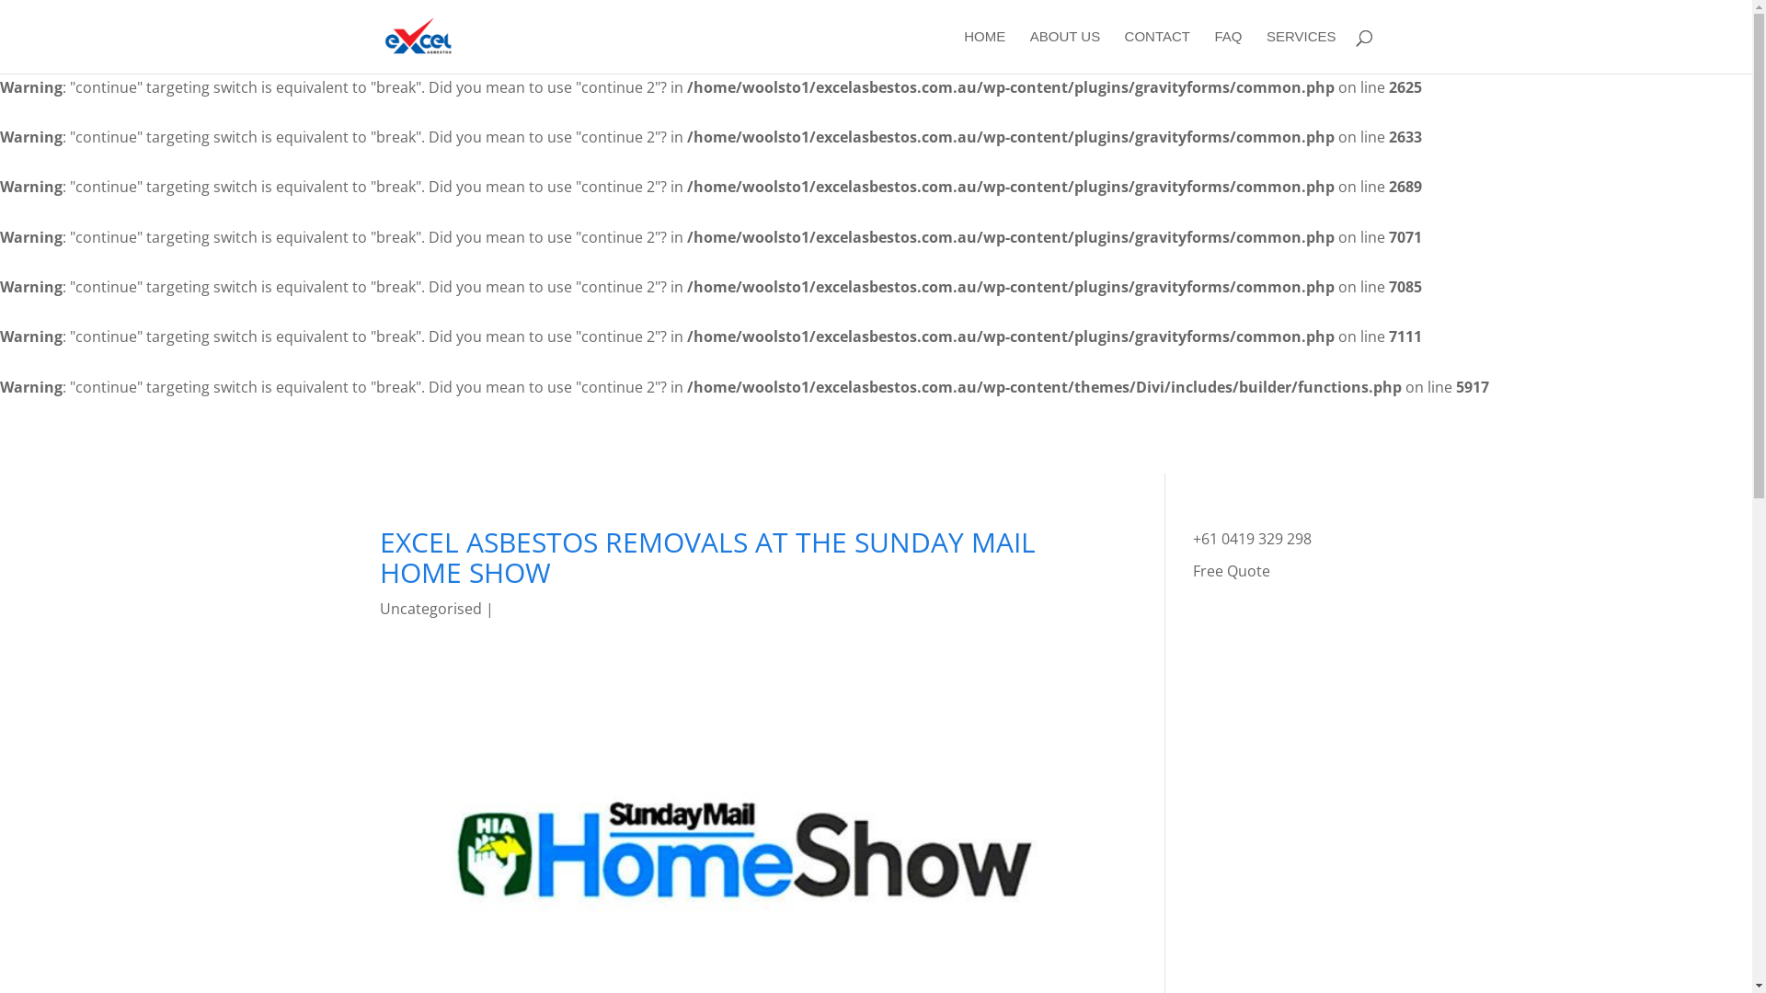 The image size is (1766, 993). I want to click on 'HOME', so click(983, 51).